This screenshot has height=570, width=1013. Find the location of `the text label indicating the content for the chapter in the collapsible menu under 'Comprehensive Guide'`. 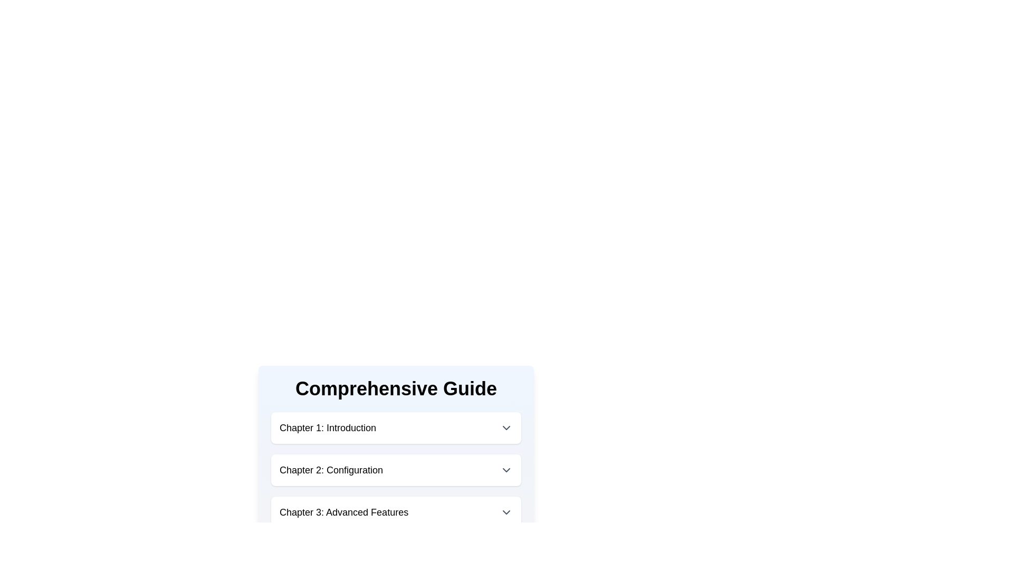

the text label indicating the content for the chapter in the collapsible menu under 'Comprehensive Guide' is located at coordinates (344, 512).